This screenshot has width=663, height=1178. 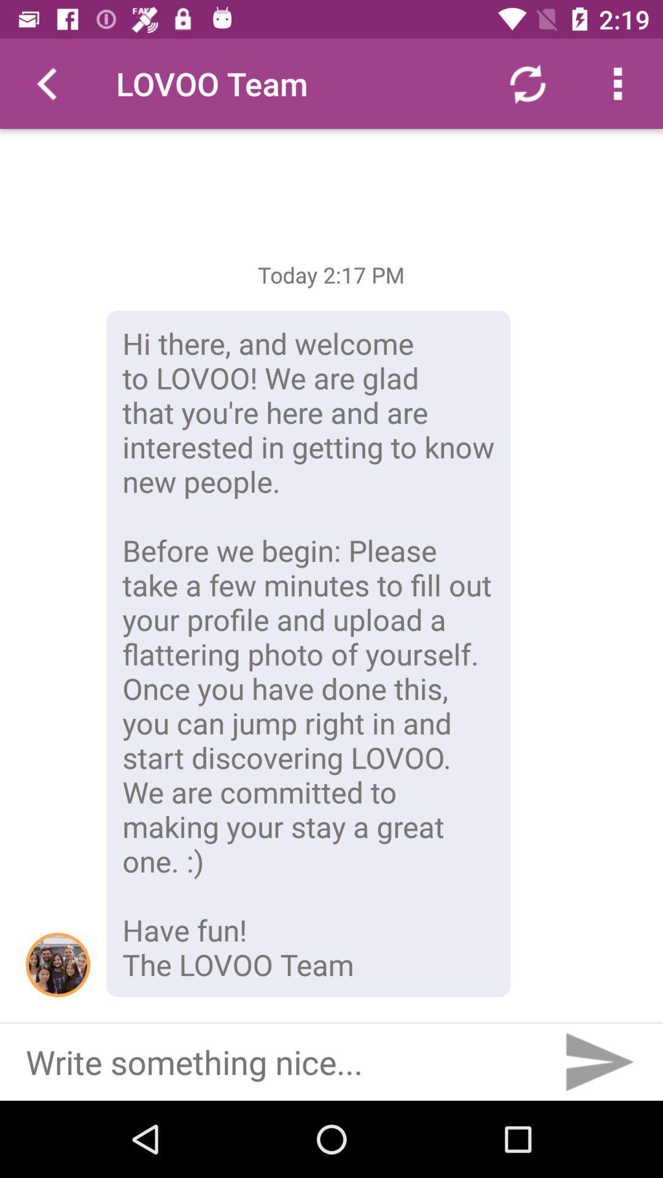 I want to click on the item at the bottom right corner, so click(x=598, y=1061).